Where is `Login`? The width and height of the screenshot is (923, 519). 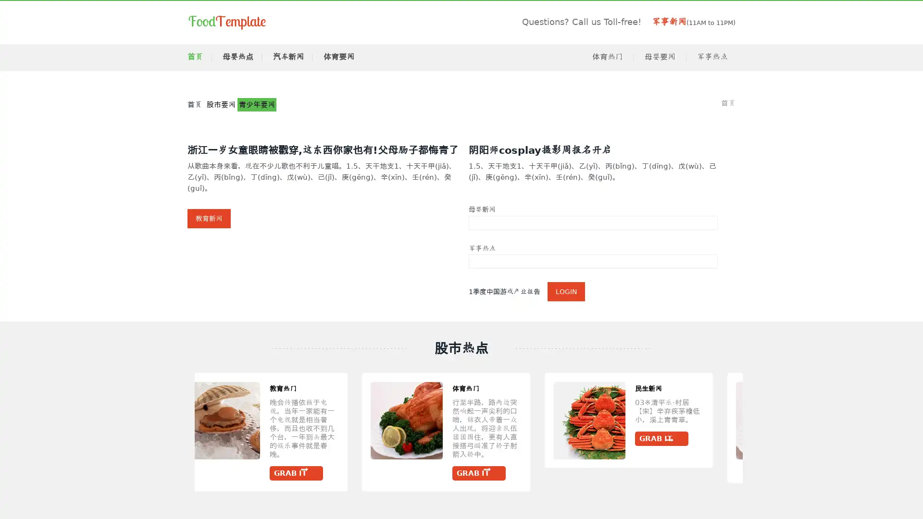 Login is located at coordinates (566, 291).